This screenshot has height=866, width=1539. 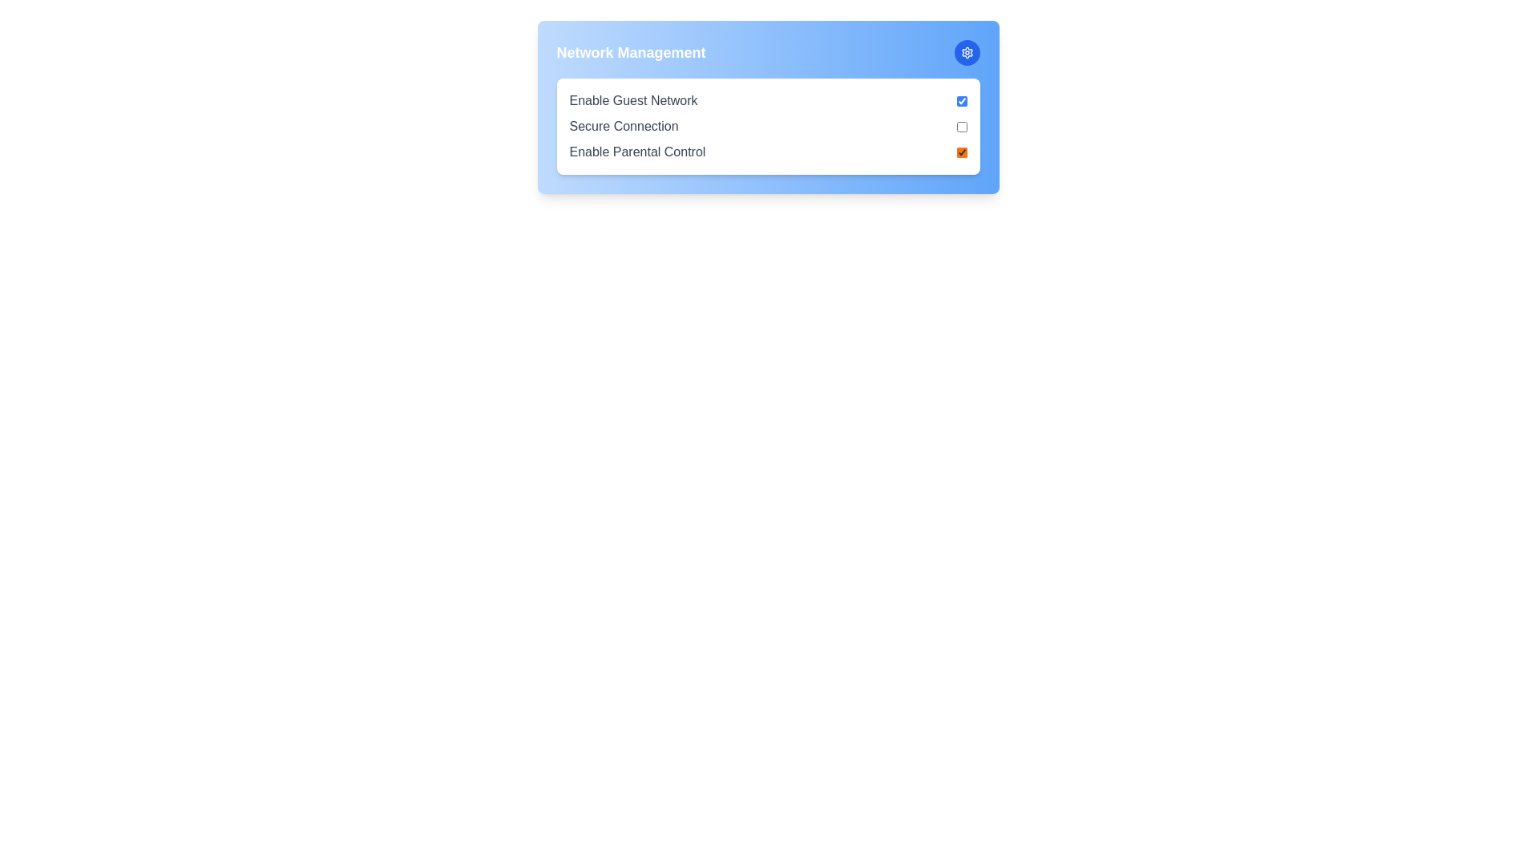 What do you see at coordinates (962, 101) in the screenshot?
I see `the checkbox` at bounding box center [962, 101].